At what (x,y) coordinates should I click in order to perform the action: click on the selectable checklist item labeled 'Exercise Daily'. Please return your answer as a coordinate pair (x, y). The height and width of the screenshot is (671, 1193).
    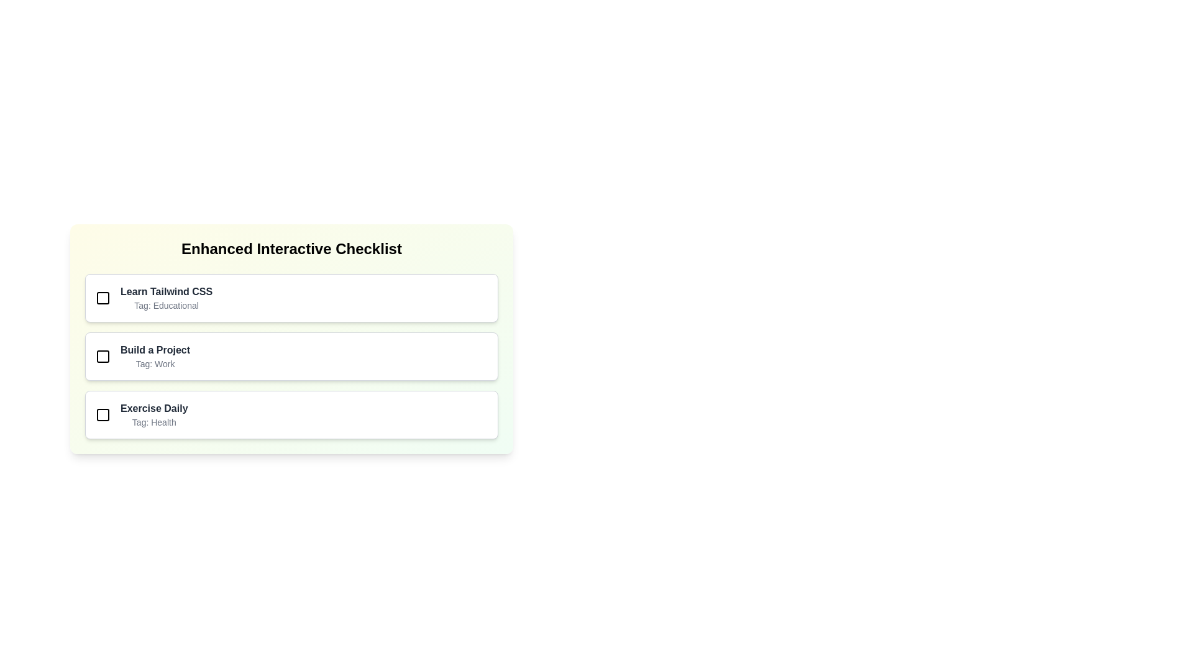
    Looking at the image, I should click on (291, 414).